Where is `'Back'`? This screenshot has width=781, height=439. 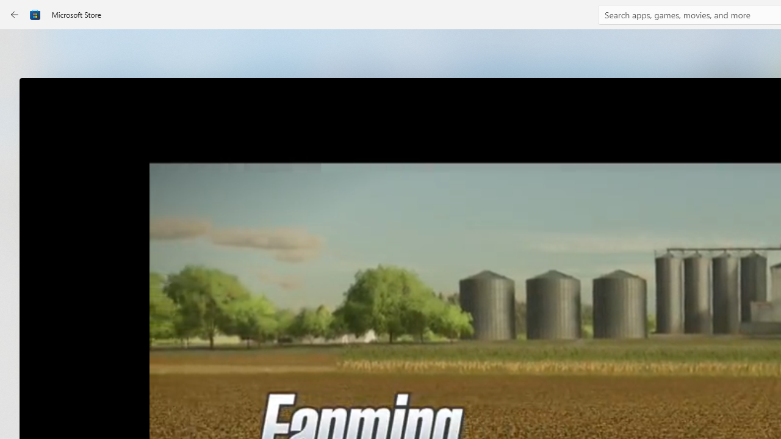 'Back' is located at coordinates (15, 15).